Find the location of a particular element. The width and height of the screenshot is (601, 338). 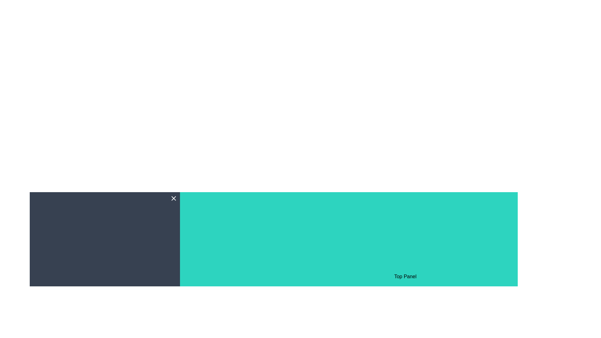

the close icon located at the top-right corner of the dark rectangular section is located at coordinates (174, 198).